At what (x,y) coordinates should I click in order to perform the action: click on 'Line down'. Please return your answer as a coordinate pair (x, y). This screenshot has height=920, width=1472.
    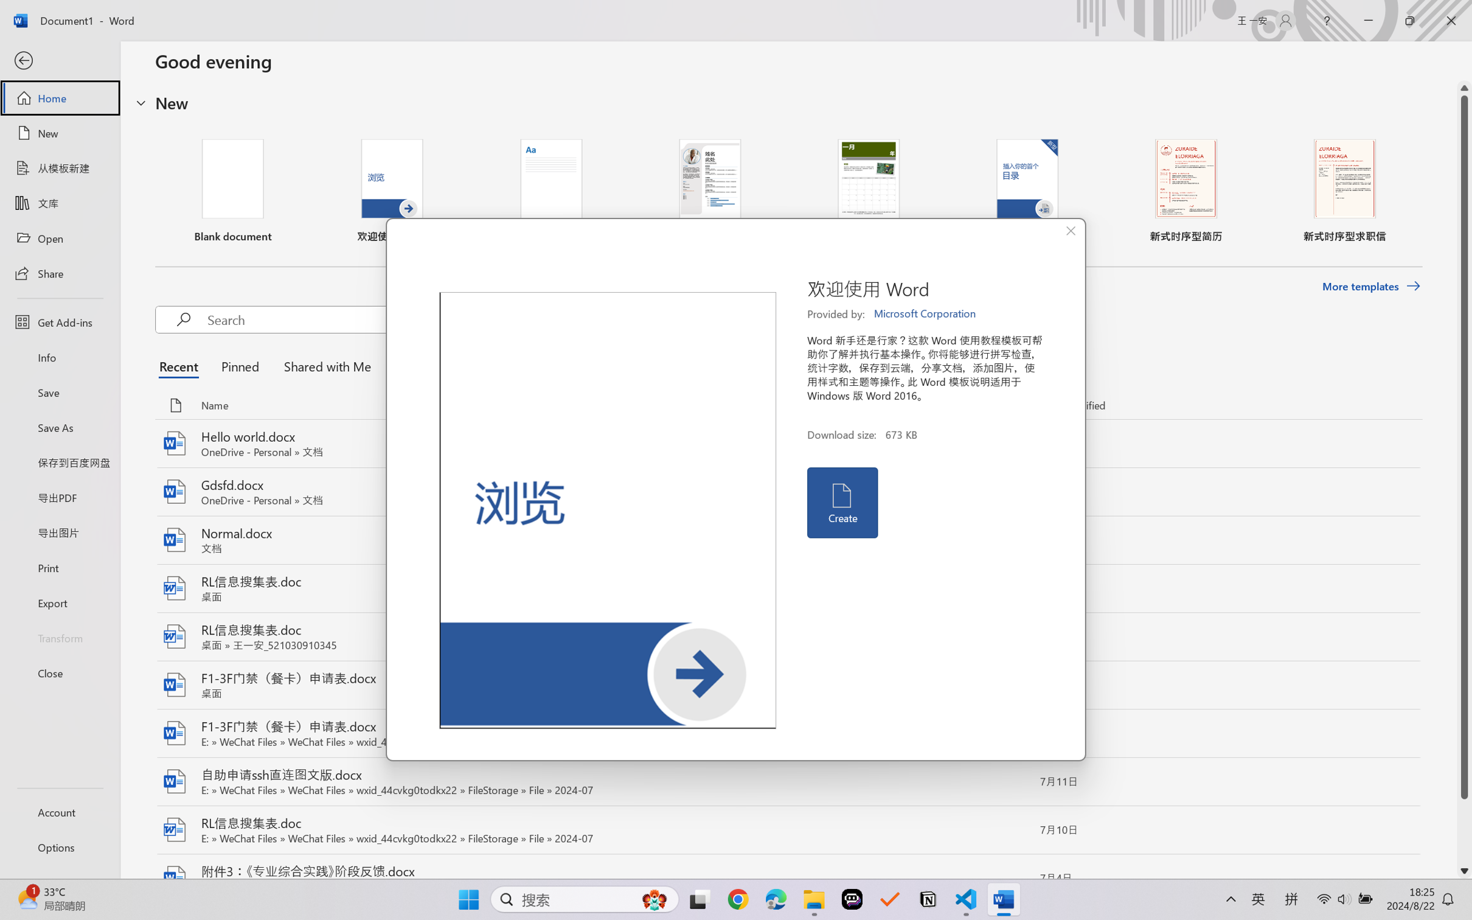
    Looking at the image, I should click on (1464, 871).